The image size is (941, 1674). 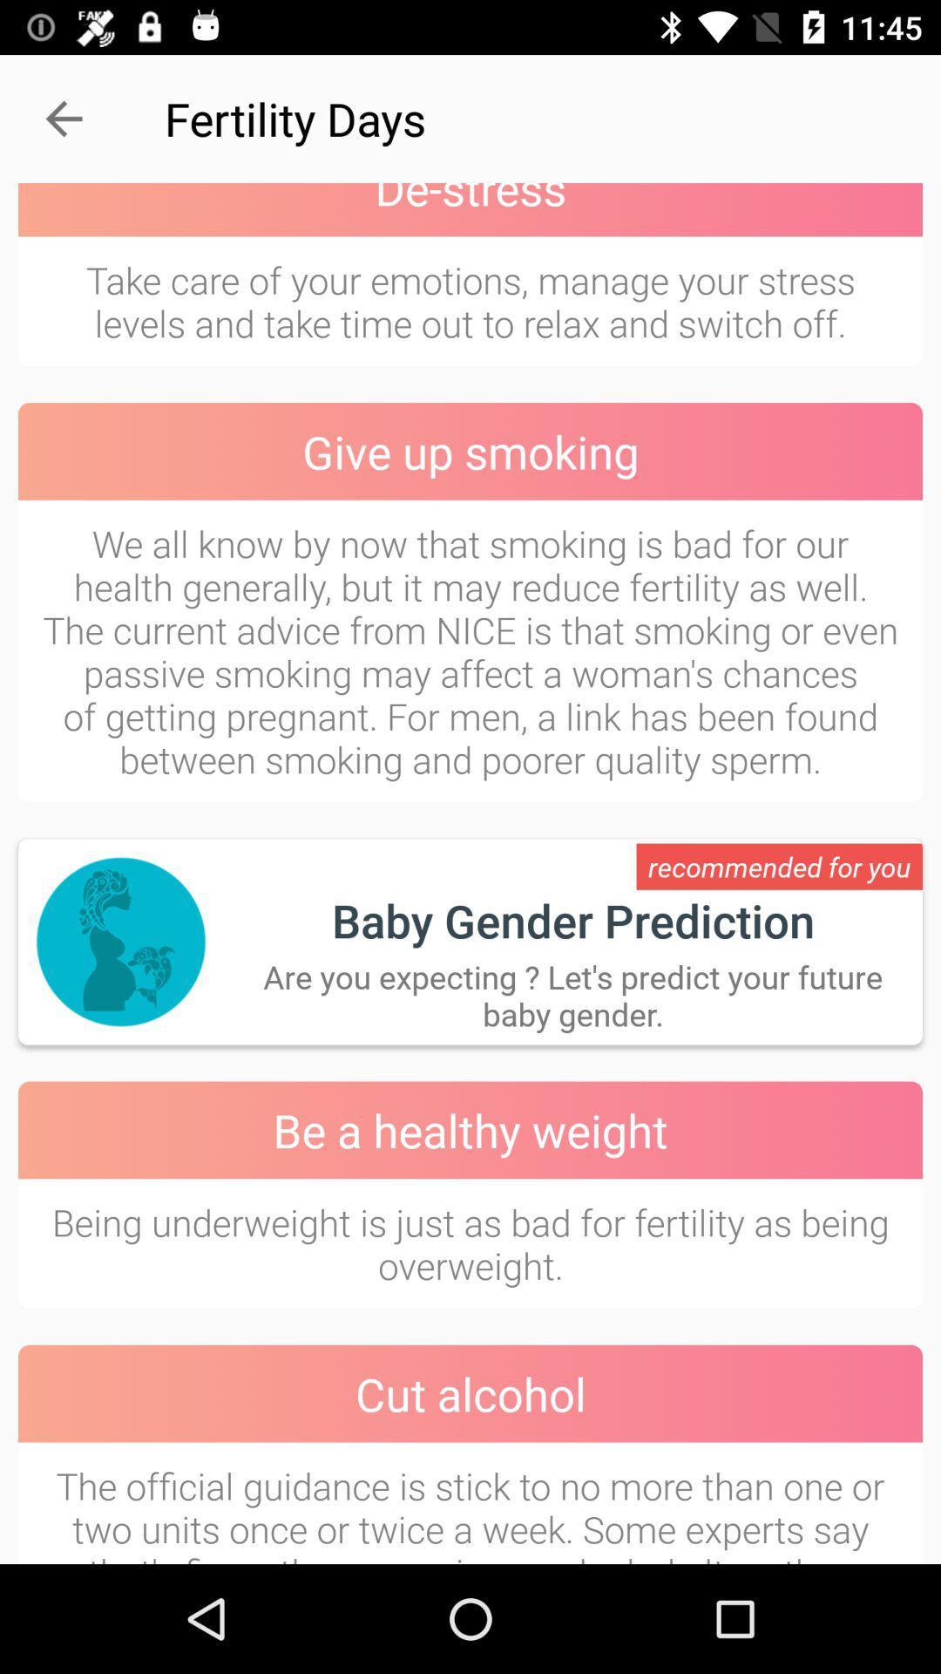 What do you see at coordinates (63, 118) in the screenshot?
I see `the item to the left of the fertility days icon` at bounding box center [63, 118].